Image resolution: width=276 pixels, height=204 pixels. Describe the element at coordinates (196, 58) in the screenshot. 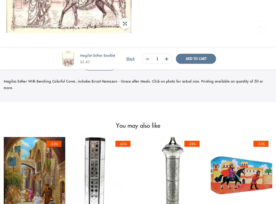

I see `'Add to cart'` at that location.